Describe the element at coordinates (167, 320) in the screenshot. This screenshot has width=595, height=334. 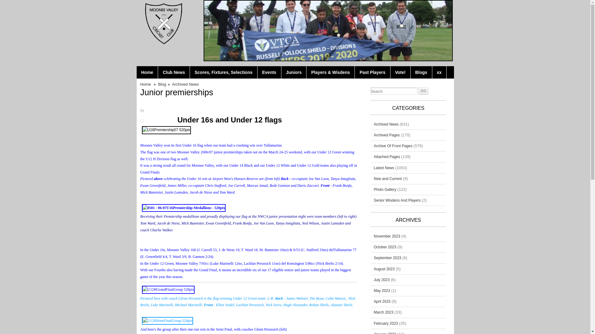
I see `'U12H Semi Final'` at that location.